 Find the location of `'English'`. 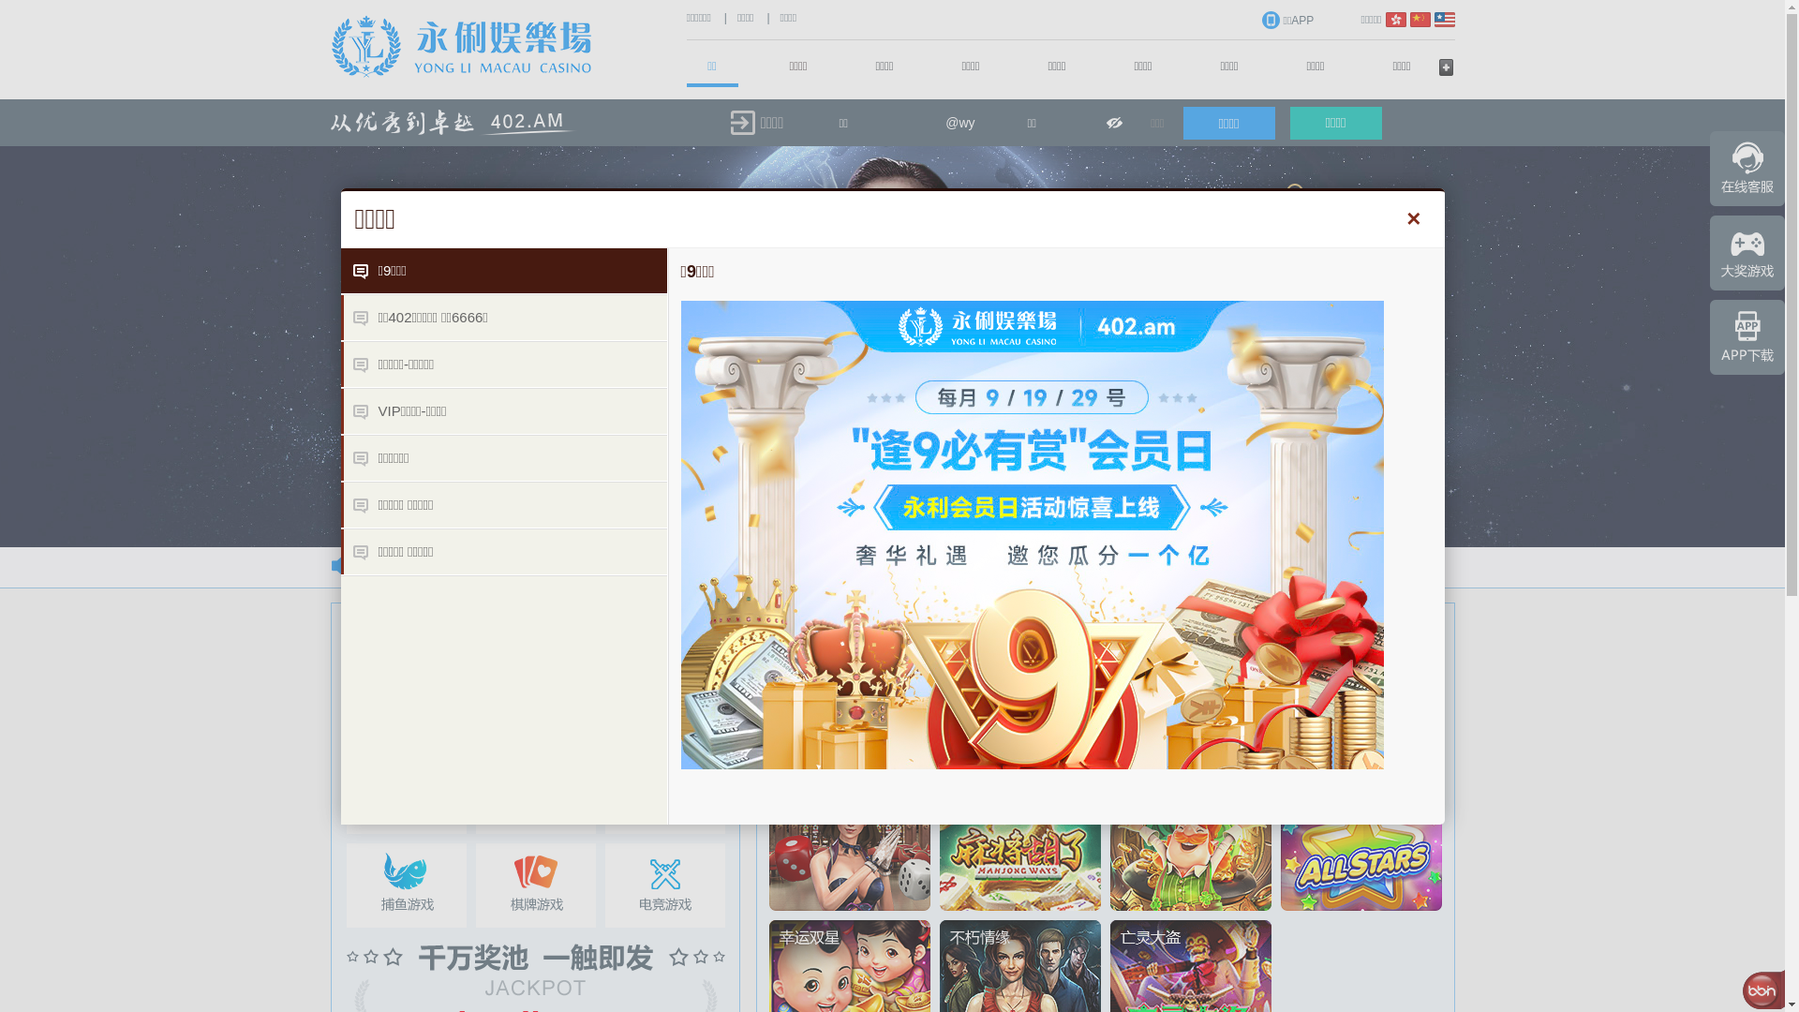

'English' is located at coordinates (1442, 19).